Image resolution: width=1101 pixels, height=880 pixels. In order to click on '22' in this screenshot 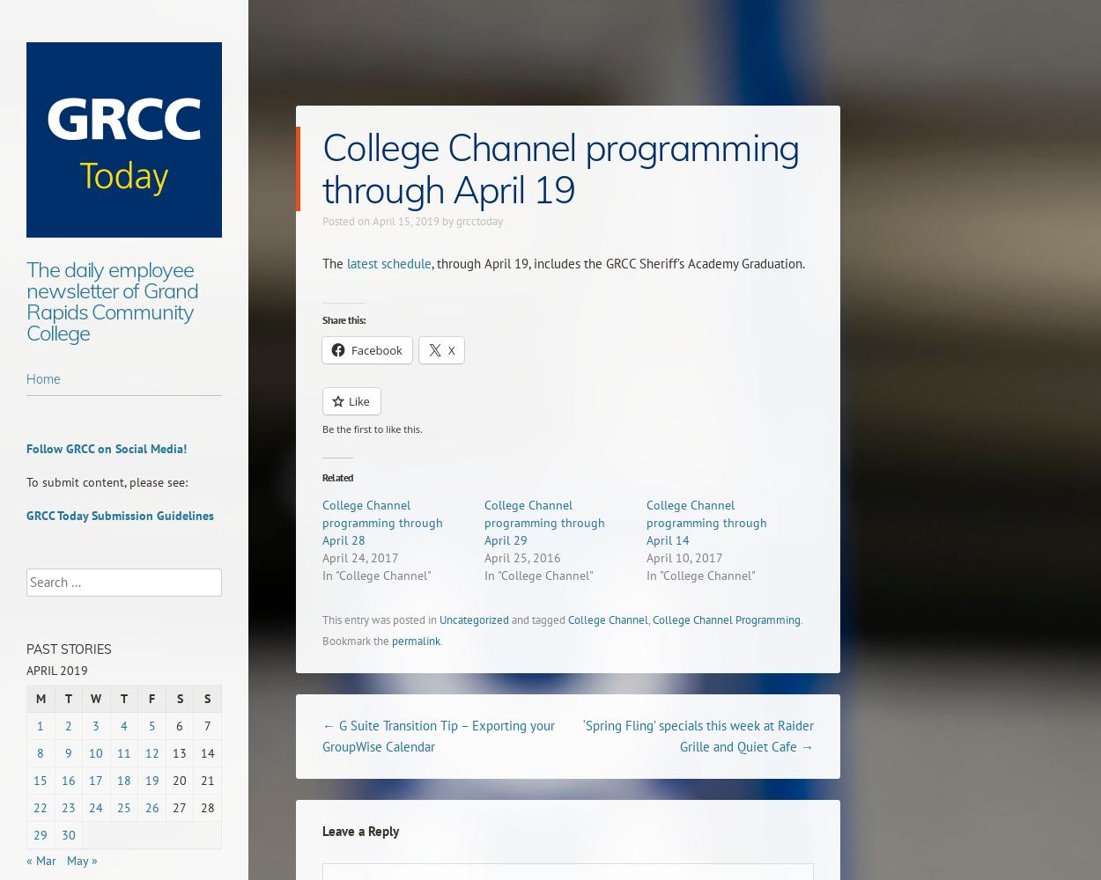, I will do `click(41, 808)`.